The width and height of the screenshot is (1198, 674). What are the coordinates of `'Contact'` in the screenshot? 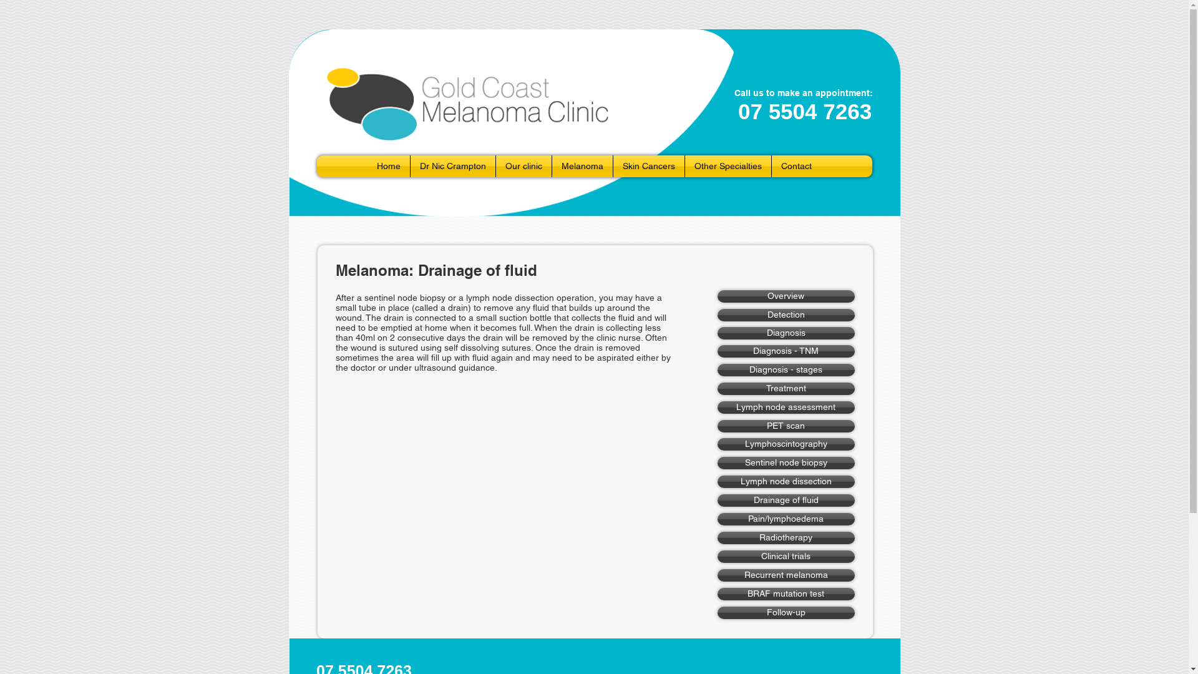 It's located at (796, 165).